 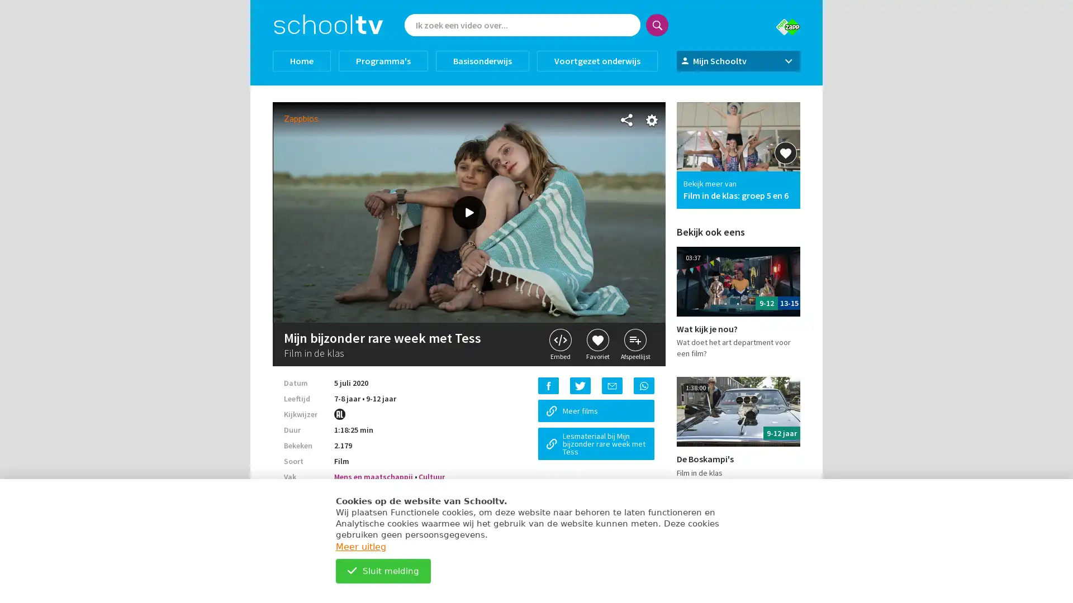 What do you see at coordinates (536, 238) in the screenshot?
I see `Nieuwe Afspeellijst` at bounding box center [536, 238].